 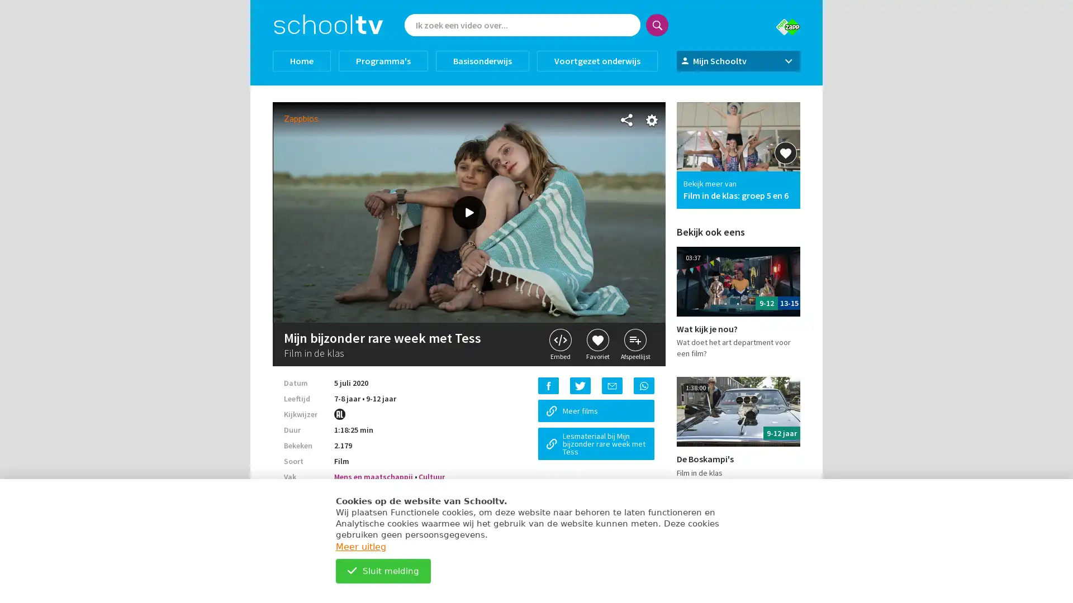 What do you see at coordinates (536, 238) in the screenshot?
I see `Nieuwe Afspeellijst` at bounding box center [536, 238].